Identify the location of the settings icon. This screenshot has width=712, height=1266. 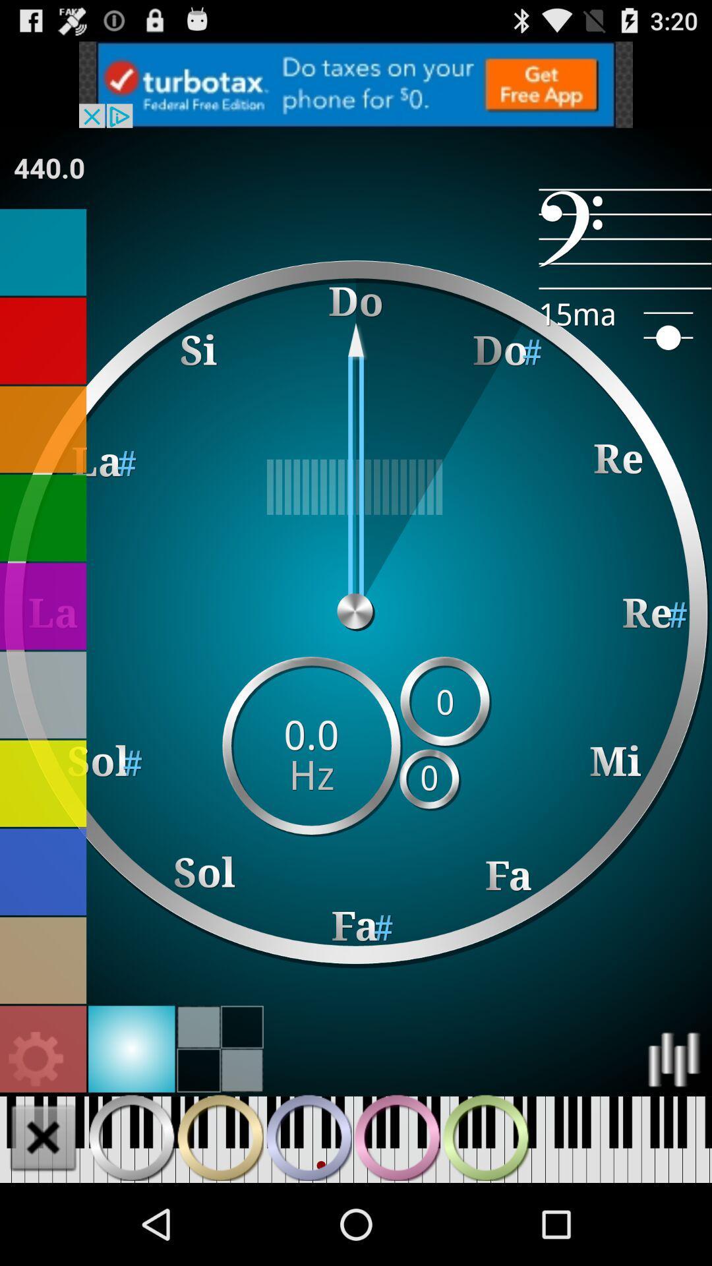
(36, 1133).